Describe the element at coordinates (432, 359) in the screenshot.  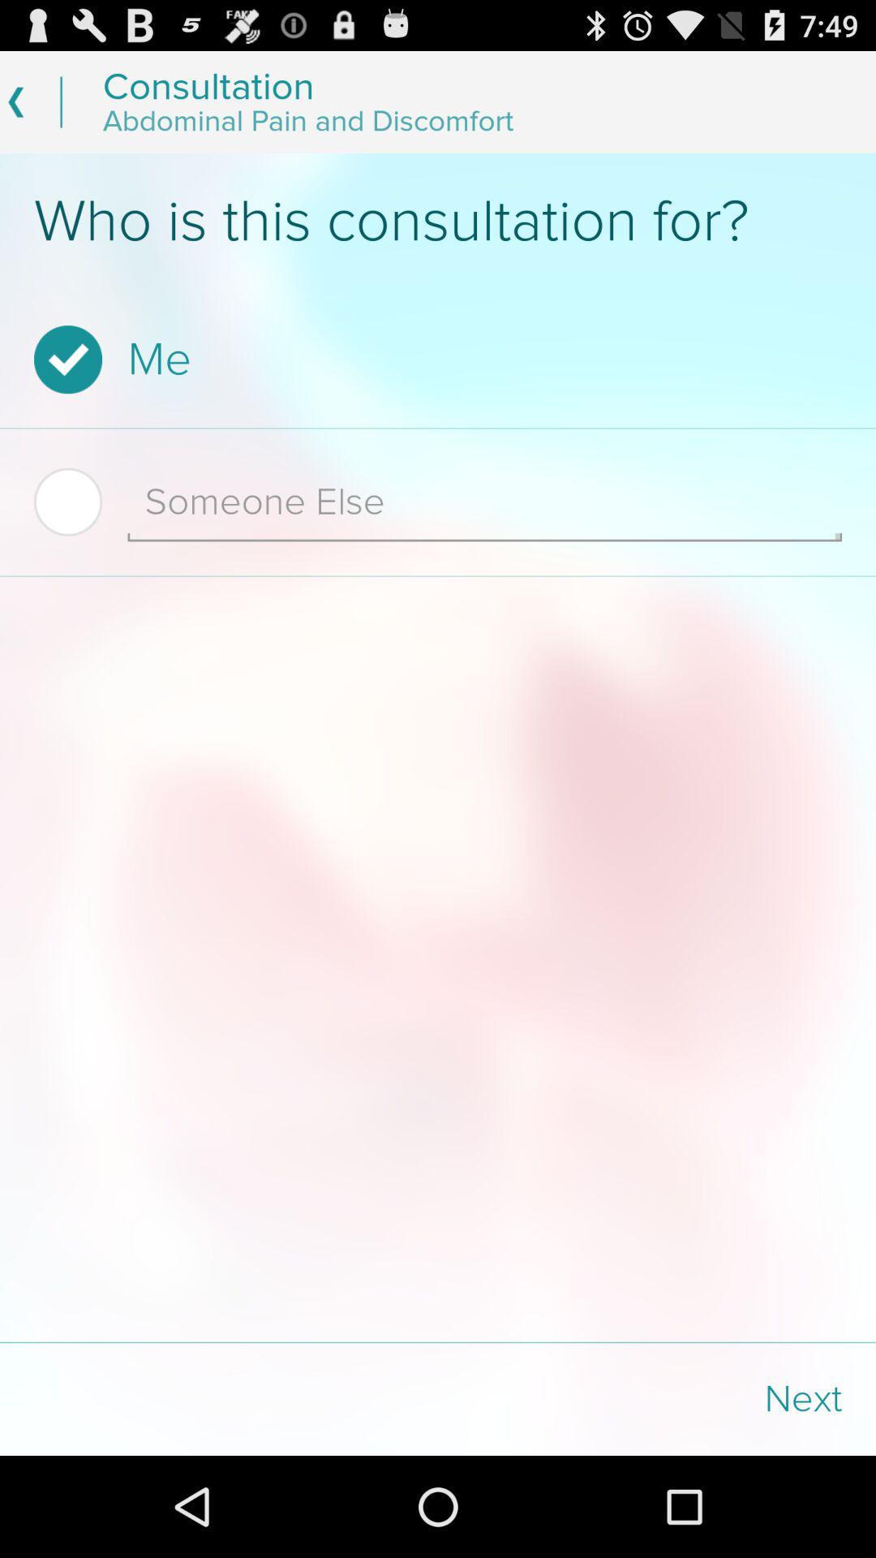
I see `the me item` at that location.